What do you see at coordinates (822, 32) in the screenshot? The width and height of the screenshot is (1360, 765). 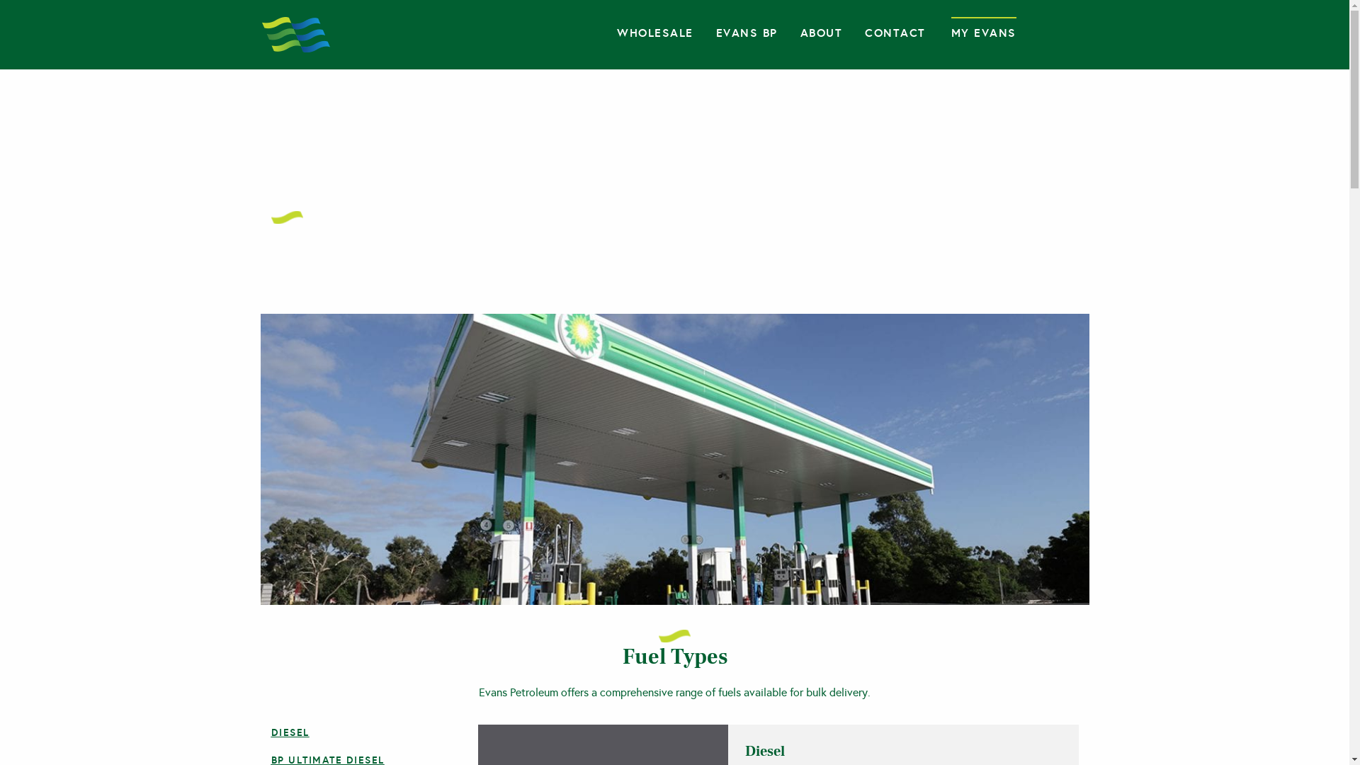 I see `'ABOUT'` at bounding box center [822, 32].